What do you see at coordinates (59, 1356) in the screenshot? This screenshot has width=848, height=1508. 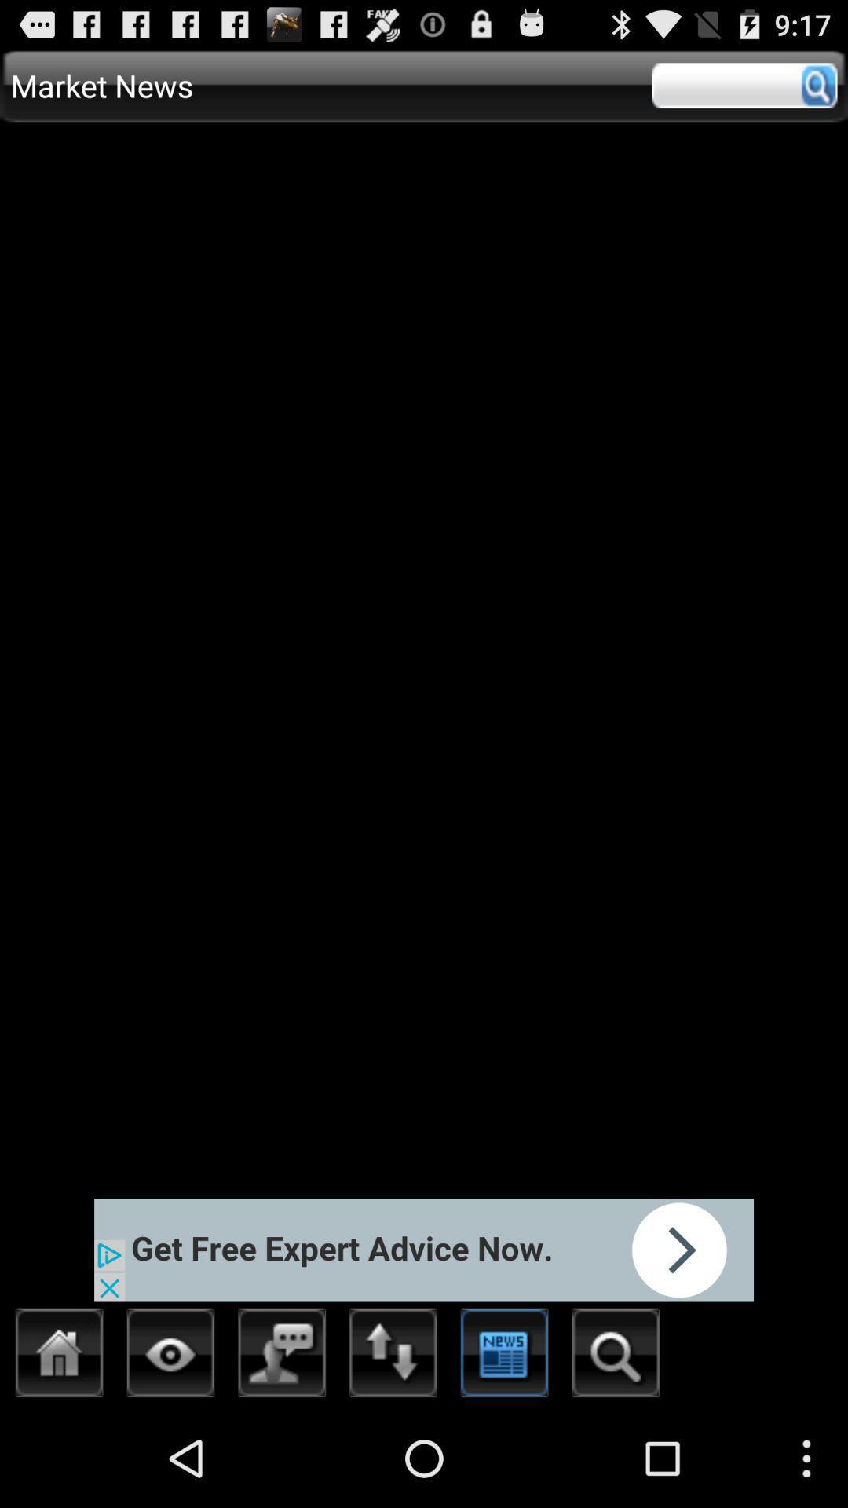 I see `home page` at bounding box center [59, 1356].